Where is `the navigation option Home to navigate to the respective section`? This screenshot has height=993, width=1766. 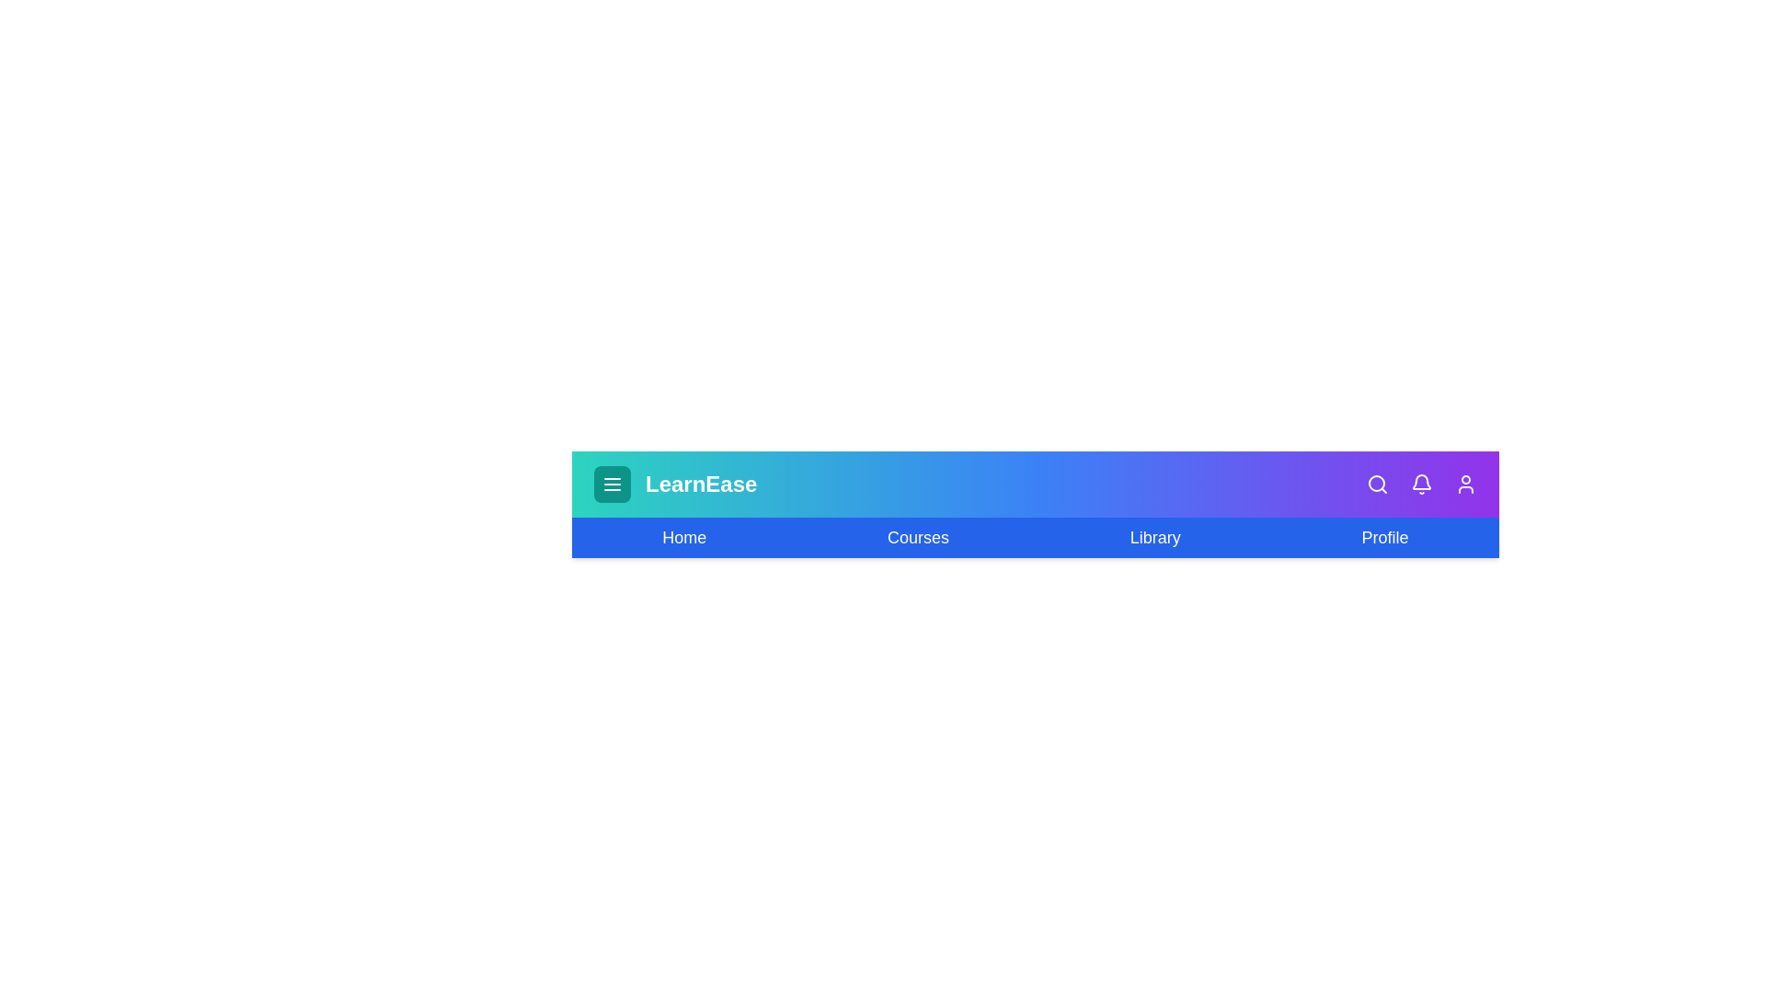
the navigation option Home to navigate to the respective section is located at coordinates (683, 538).